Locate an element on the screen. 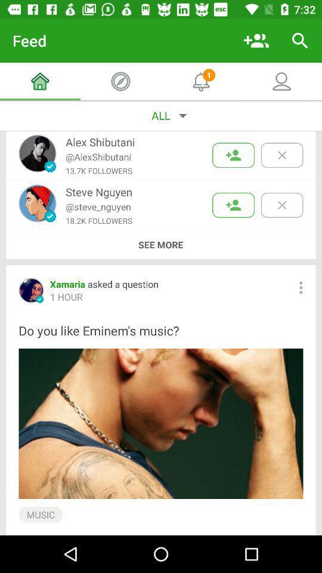 The height and width of the screenshot is (573, 322). user or send friend request is located at coordinates (233, 205).